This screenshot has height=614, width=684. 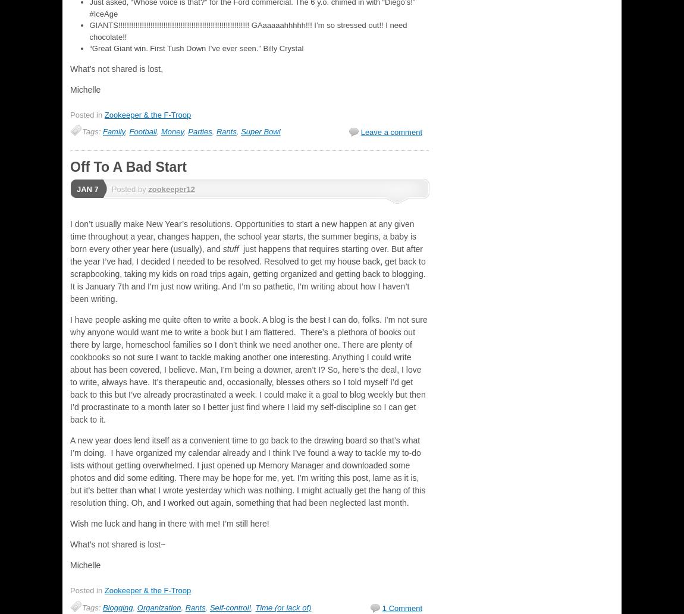 I want to click on 'GIANTS!!!!!!!!!!!!!!!!!!!!!!!!!!!!!!!!!!!!!!!!!!!!!!!!!!!!!!!!!!!!! GAaaaaahhhhh!!! I’m so stressed out!! I need chocolate!!', so click(x=247, y=30).